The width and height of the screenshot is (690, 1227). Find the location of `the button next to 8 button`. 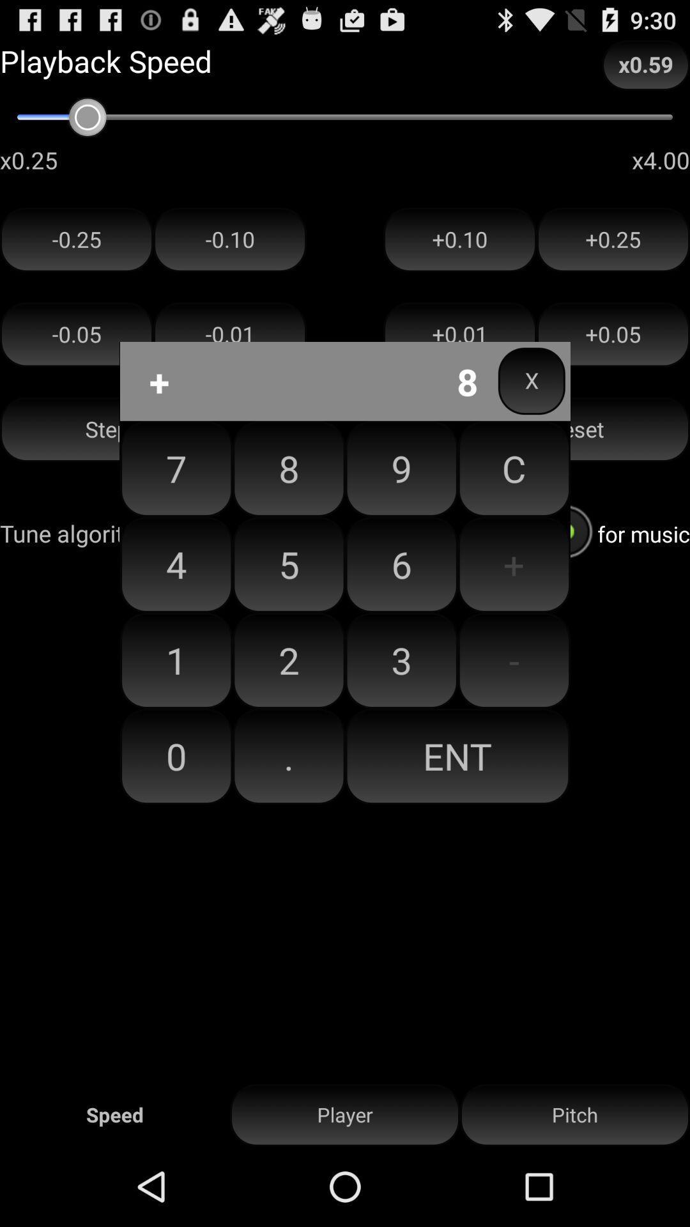

the button next to 8 button is located at coordinates (401, 564).